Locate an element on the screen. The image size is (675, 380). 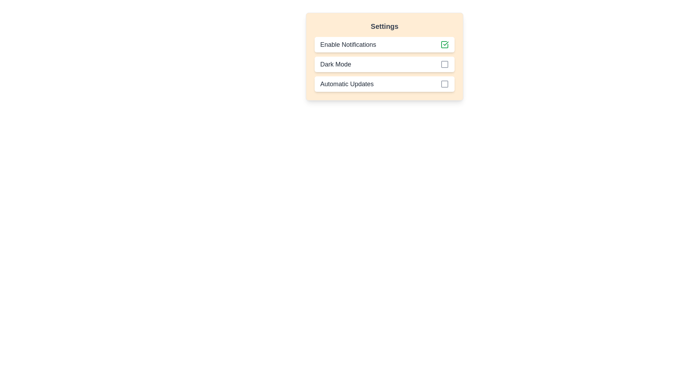
the unselected checkbox icon for 'Automatic Updates' is located at coordinates (444, 84).